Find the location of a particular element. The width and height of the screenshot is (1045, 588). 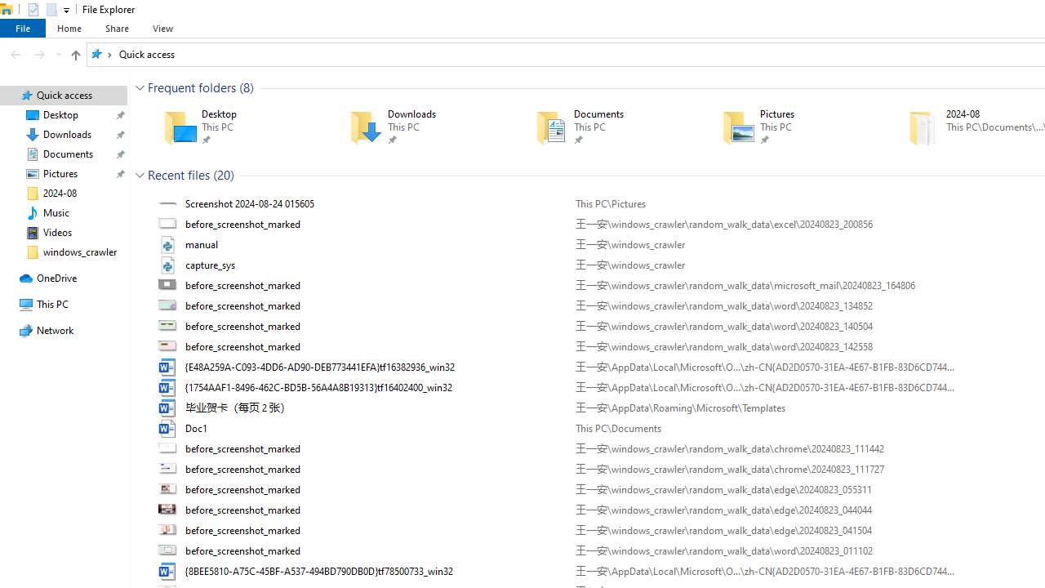

'Navigation buttons' is located at coordinates (34, 53).